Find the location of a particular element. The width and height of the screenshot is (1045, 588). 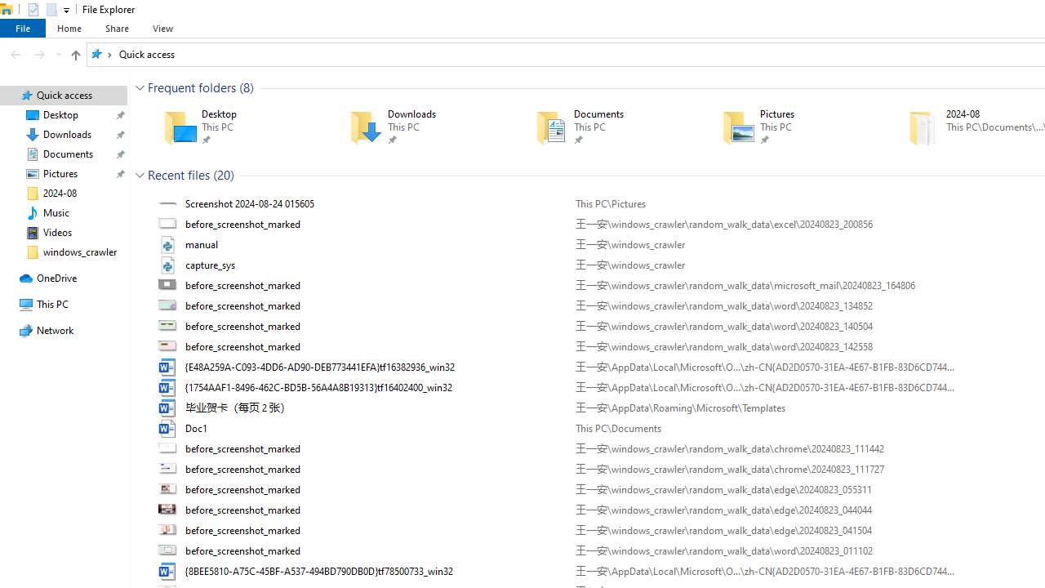

'Navigation buttons' is located at coordinates (34, 53).